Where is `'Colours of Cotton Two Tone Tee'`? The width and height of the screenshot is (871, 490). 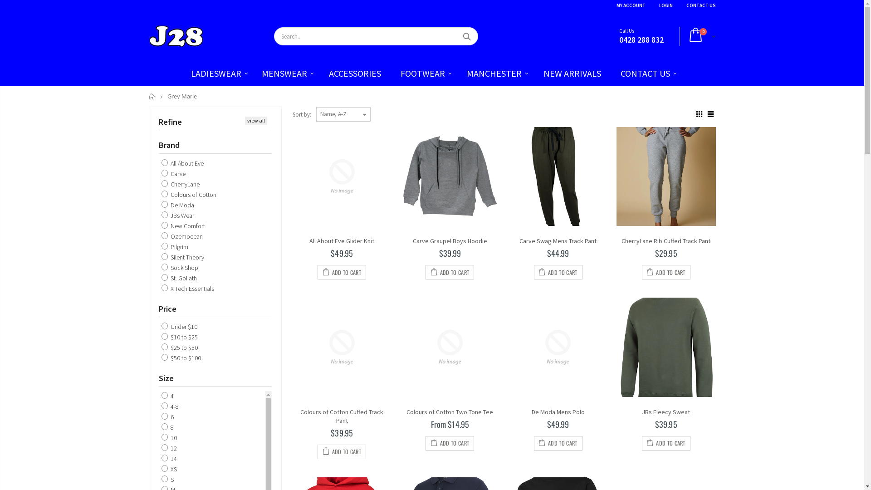 'Colours of Cotton Two Tone Tee' is located at coordinates (406, 412).